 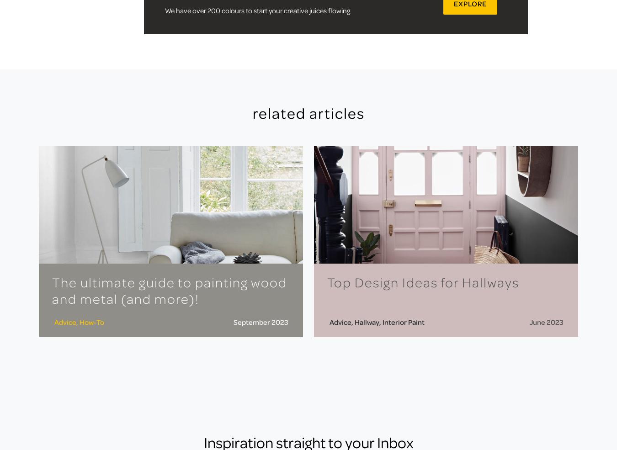 What do you see at coordinates (260, 321) in the screenshot?
I see `'September  2023'` at bounding box center [260, 321].